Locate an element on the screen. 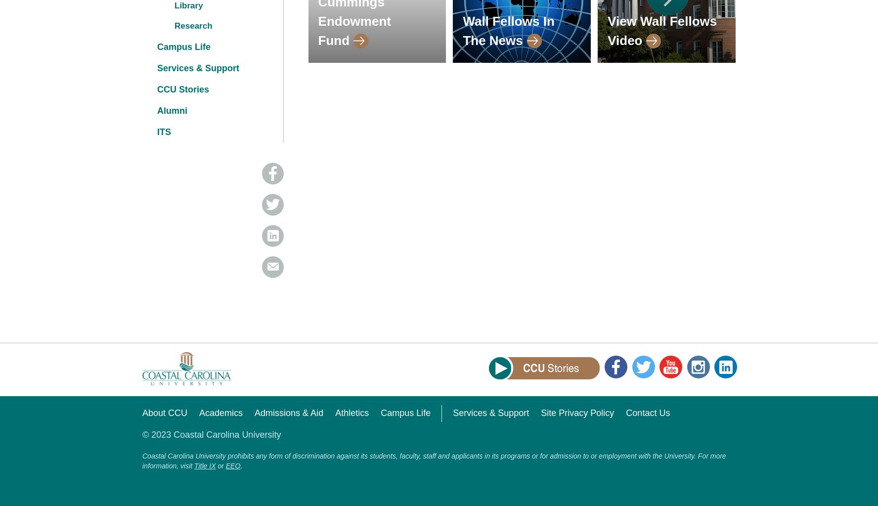 The width and height of the screenshot is (878, 506). 'Campus Life' is located at coordinates (157, 46).